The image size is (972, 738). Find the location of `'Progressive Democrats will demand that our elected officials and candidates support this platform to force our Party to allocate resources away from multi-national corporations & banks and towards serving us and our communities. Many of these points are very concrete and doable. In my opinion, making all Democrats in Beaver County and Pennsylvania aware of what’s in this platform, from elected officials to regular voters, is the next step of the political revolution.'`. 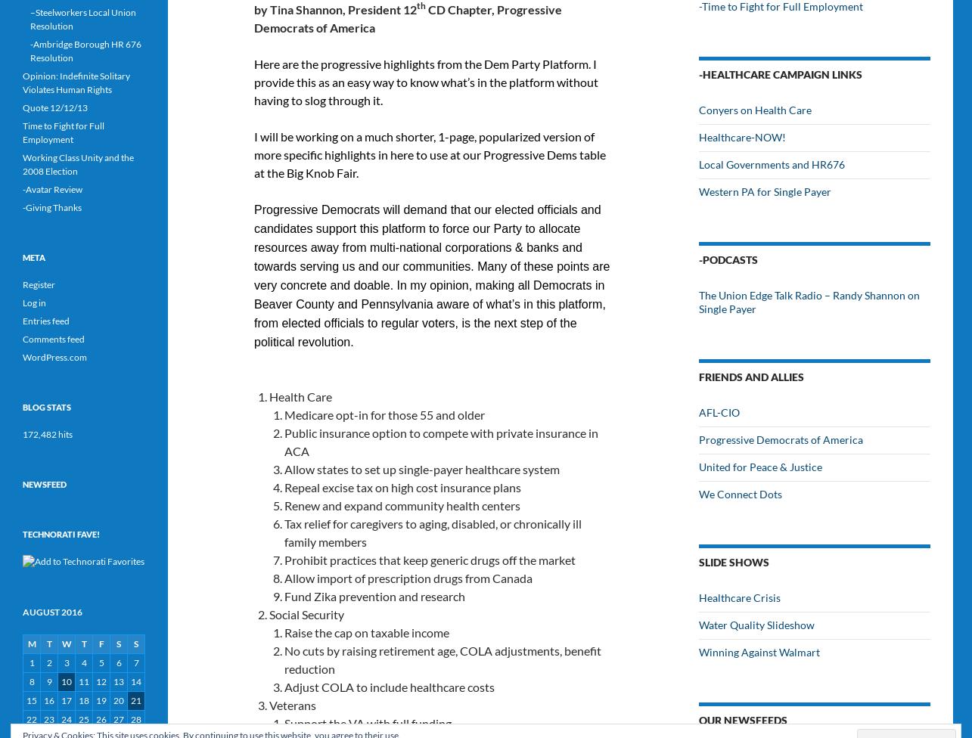

'Progressive Democrats will demand that our elected officials and candidates support this platform to force our Party to allocate resources away from multi-national corporations & banks and towards serving us and our communities. Many of these points are very concrete and doable. In my opinion, making all Democrats in Beaver County and Pennsylvania aware of what’s in this platform, from elected officials to regular voters, is the next step of the political revolution.' is located at coordinates (432, 275).